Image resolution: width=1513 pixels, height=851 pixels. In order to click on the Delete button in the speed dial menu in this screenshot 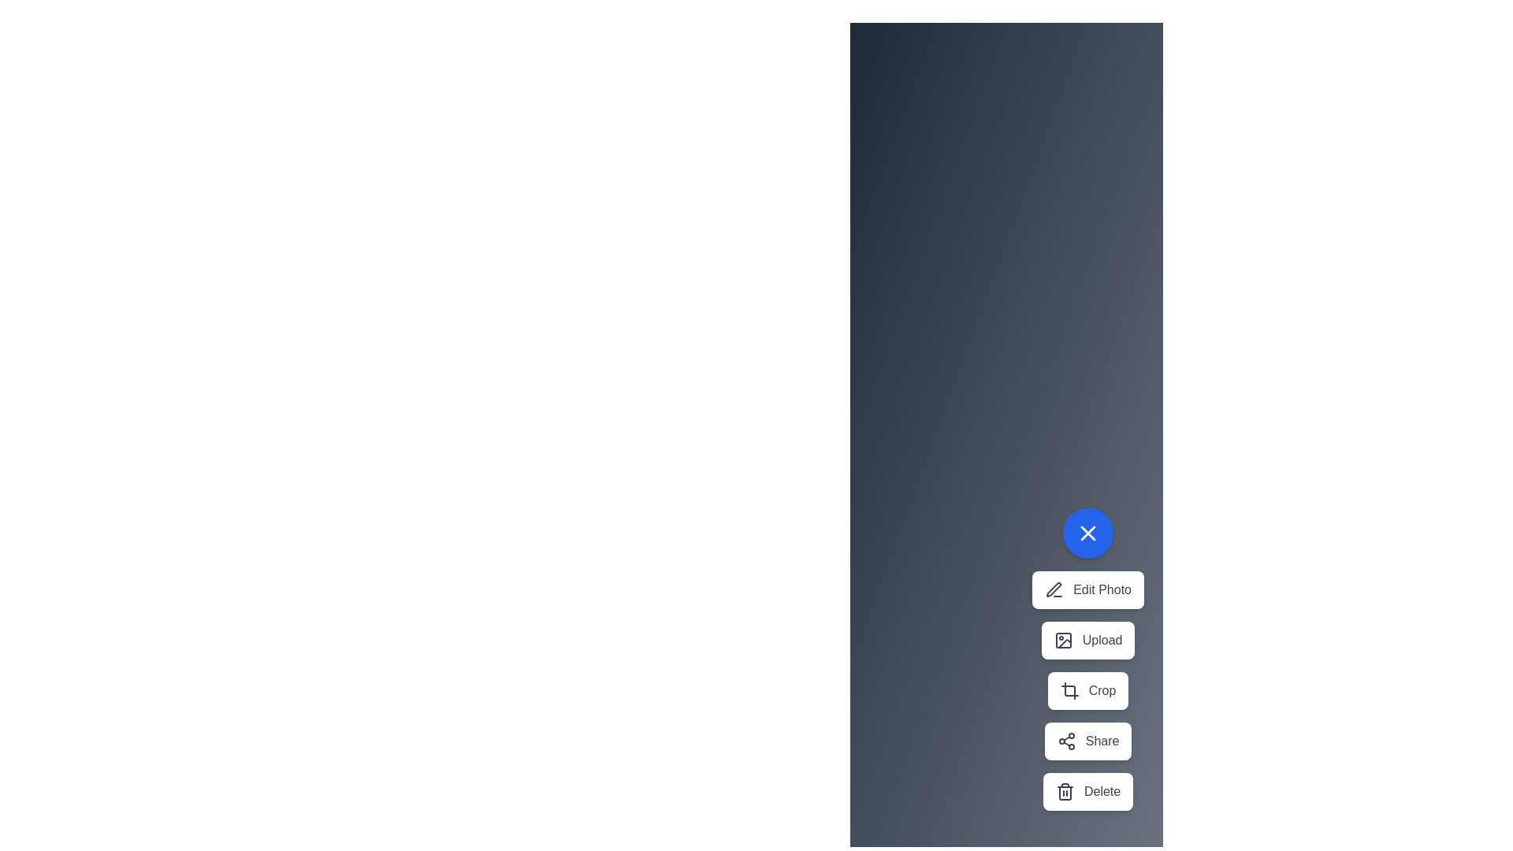, I will do `click(1087, 792)`.